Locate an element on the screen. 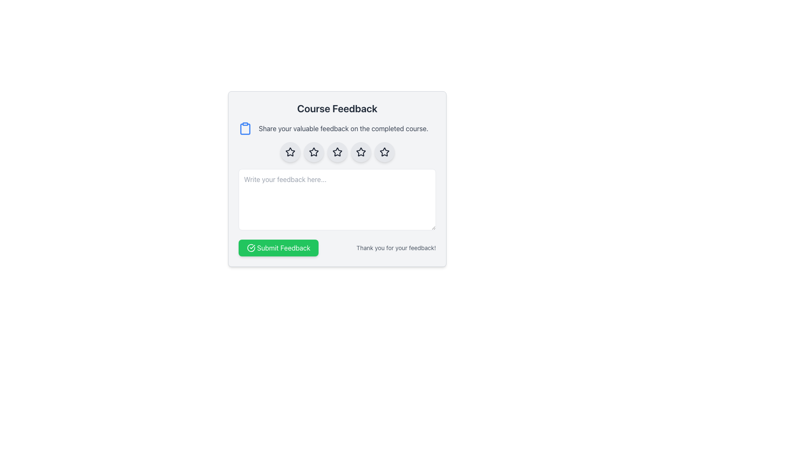  the 'Submit Feedback' button that contains a small circular icon with a checkmark on its left side is located at coordinates (250, 248).